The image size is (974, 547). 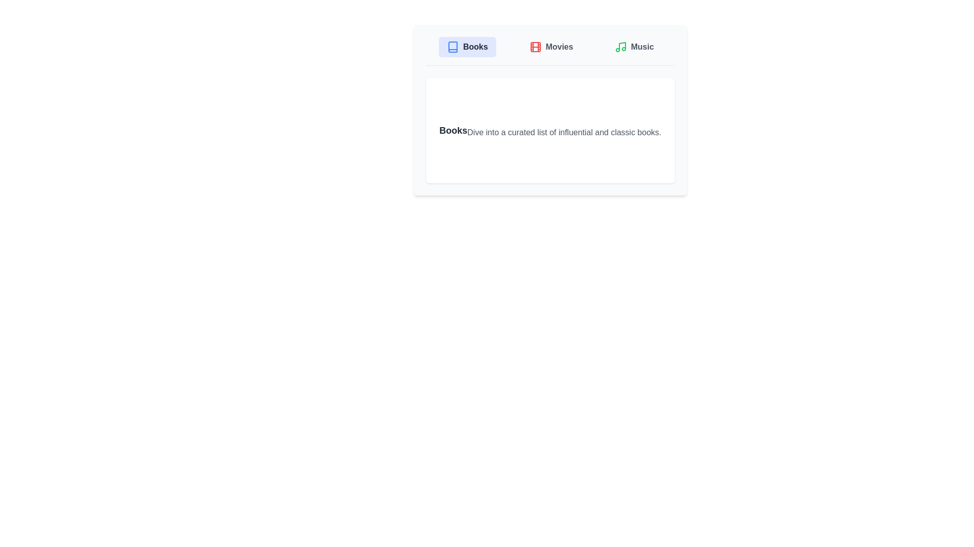 What do you see at coordinates (634, 47) in the screenshot?
I see `the Music tab by clicking on its button` at bounding box center [634, 47].